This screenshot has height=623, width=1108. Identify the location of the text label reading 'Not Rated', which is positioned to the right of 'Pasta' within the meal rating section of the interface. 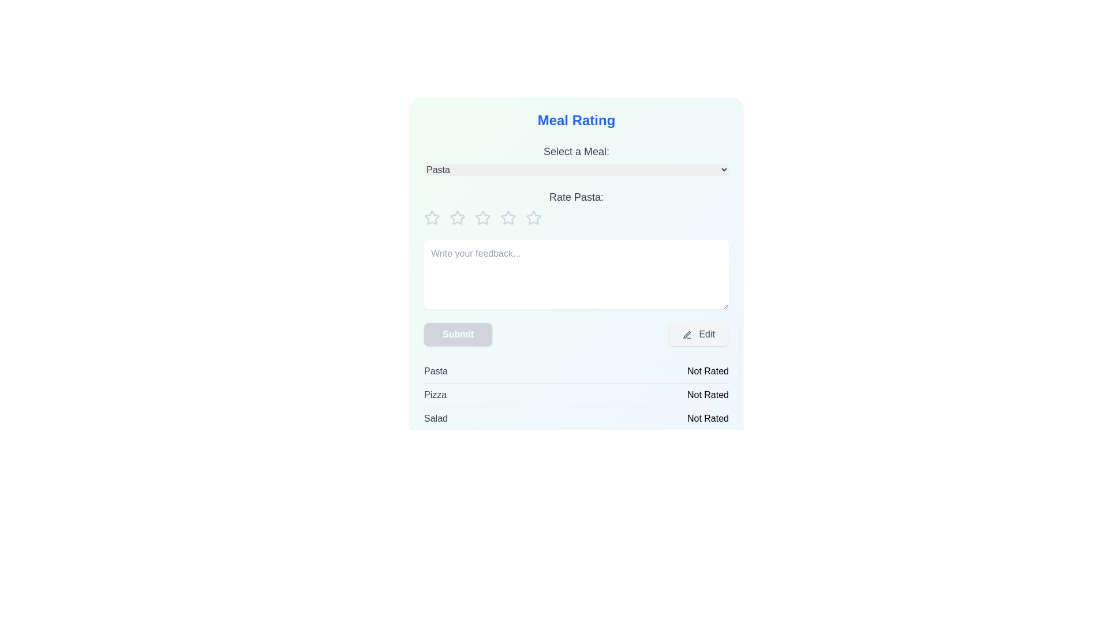
(708, 371).